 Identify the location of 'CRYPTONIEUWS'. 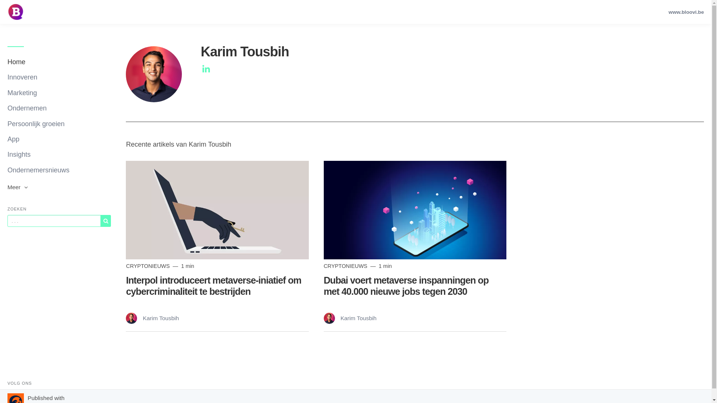
(148, 266).